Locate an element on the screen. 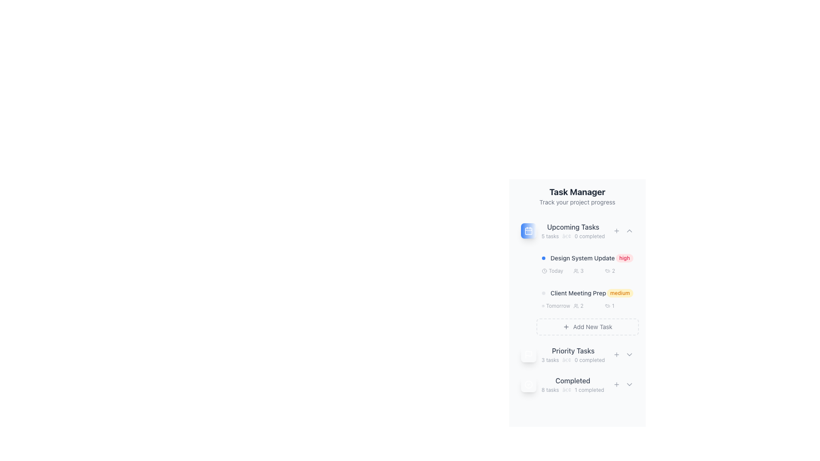 This screenshot has height=461, width=820. the textual separator (visual dot) element located between '5 tasks' and '0 completed' is located at coordinates (567, 236).